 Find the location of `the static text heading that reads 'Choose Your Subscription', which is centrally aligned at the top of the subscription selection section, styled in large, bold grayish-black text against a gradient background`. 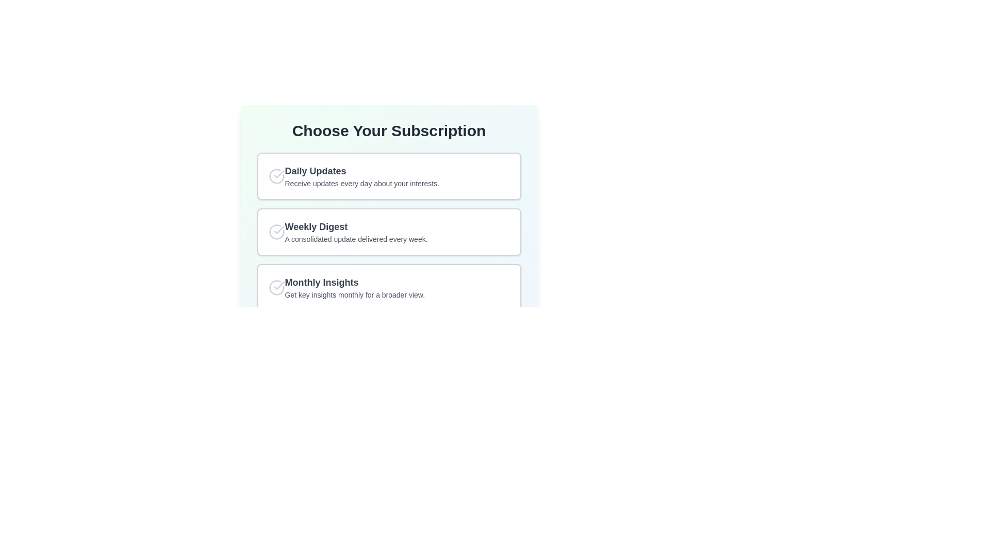

the static text heading that reads 'Choose Your Subscription', which is centrally aligned at the top of the subscription selection section, styled in large, bold grayish-black text against a gradient background is located at coordinates (388, 130).